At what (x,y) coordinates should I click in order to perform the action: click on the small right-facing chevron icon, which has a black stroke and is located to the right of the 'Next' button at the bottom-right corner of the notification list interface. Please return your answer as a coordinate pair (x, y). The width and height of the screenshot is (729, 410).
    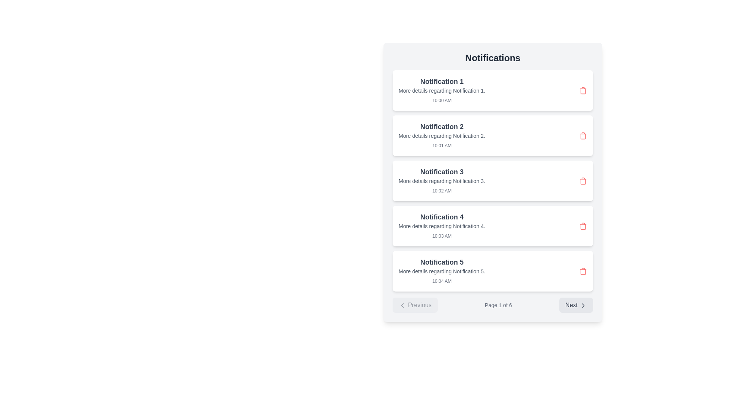
    Looking at the image, I should click on (583, 305).